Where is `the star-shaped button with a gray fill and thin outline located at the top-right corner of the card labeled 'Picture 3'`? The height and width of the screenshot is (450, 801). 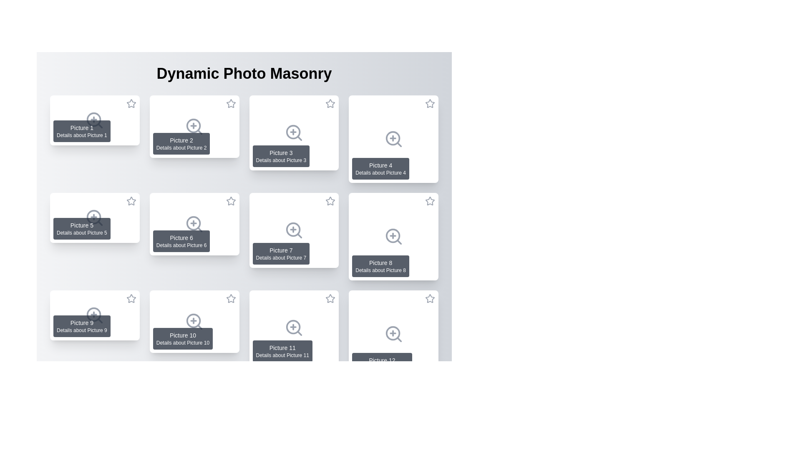 the star-shaped button with a gray fill and thin outline located at the top-right corner of the card labeled 'Picture 3' is located at coordinates (330, 103).